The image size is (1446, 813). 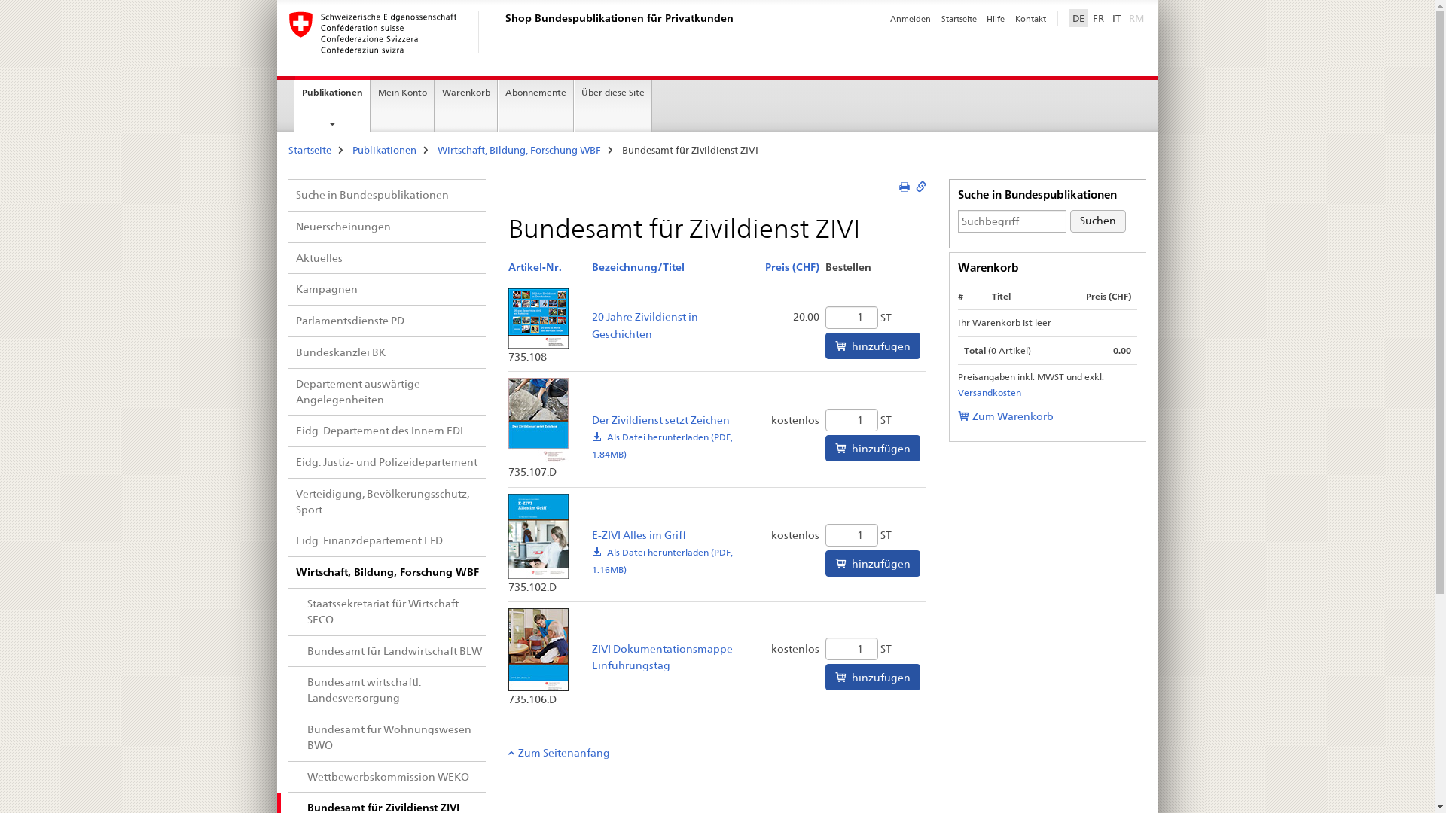 What do you see at coordinates (791, 266) in the screenshot?
I see `'Aufsteigend sortieren:` at bounding box center [791, 266].